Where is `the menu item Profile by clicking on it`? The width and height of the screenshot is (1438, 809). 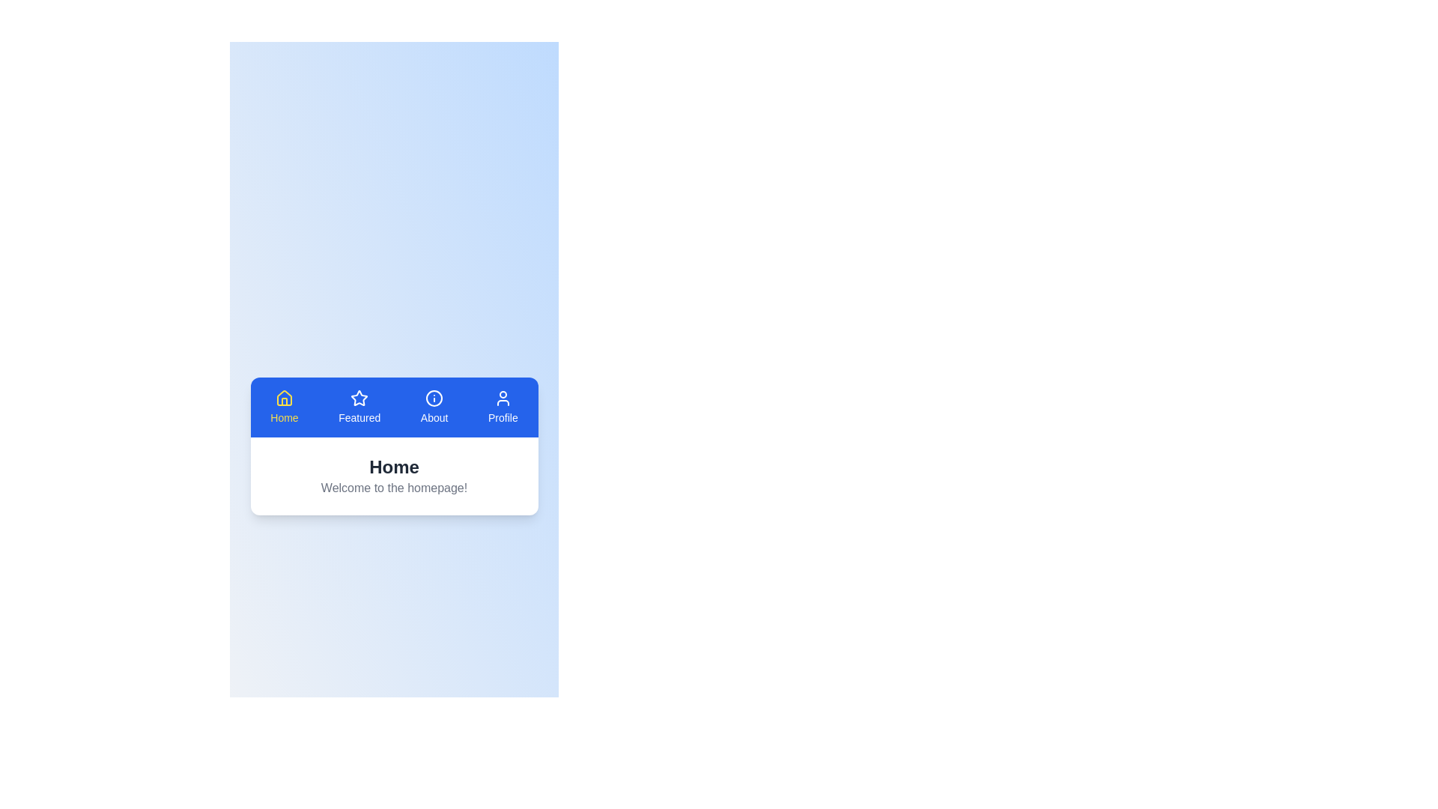 the menu item Profile by clicking on it is located at coordinates (503, 407).